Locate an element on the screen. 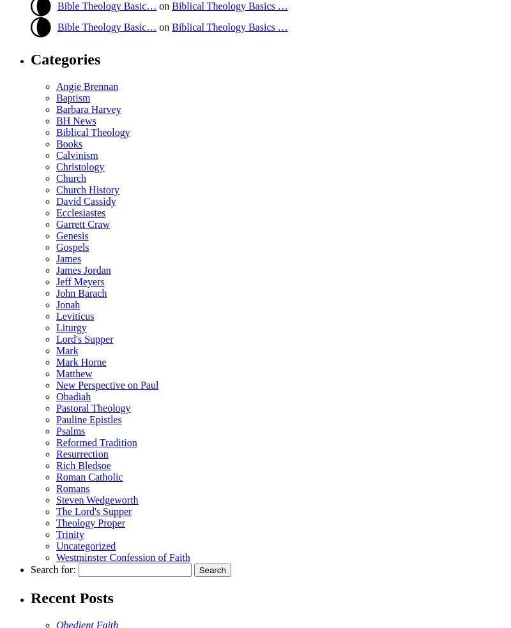 The image size is (511, 628). 'Romans' is located at coordinates (72, 488).